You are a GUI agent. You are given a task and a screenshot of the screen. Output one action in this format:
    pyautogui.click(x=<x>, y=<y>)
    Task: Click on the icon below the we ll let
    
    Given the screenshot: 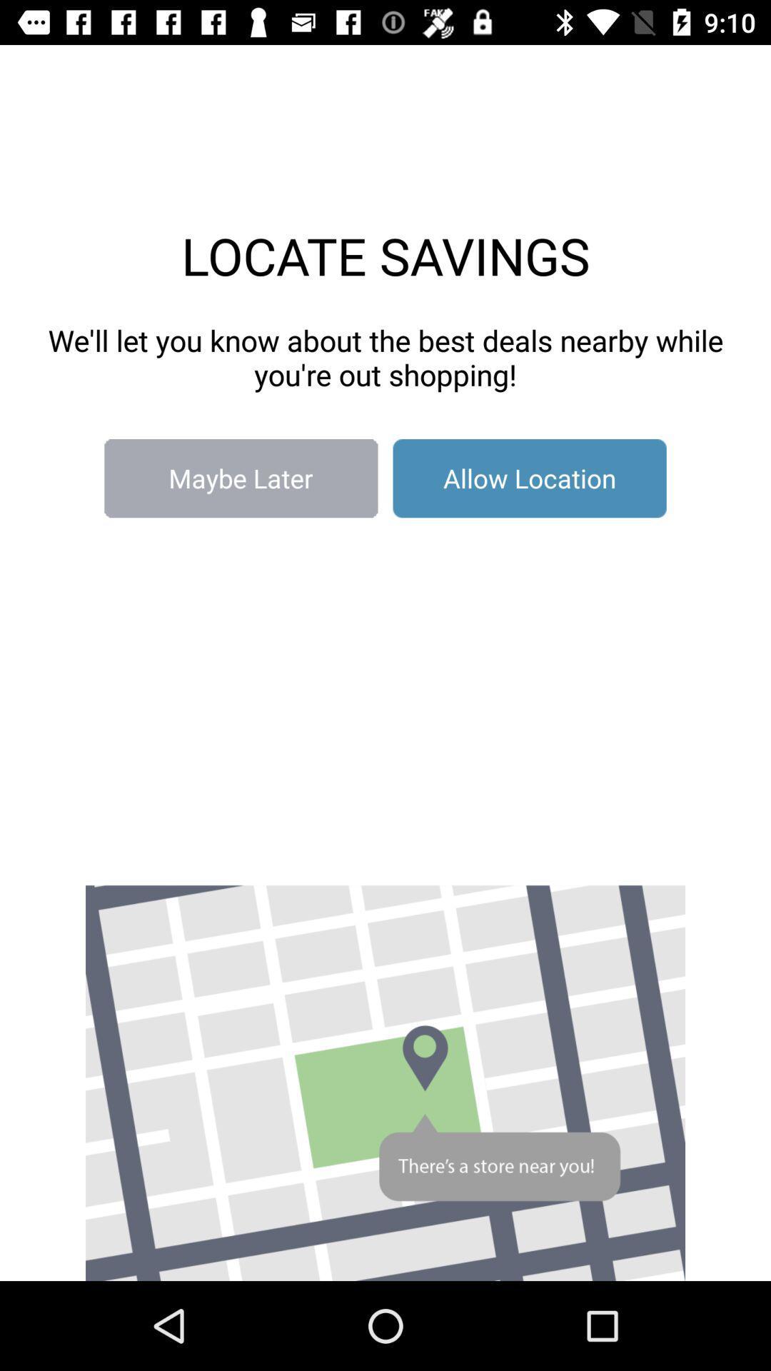 What is the action you would take?
    pyautogui.click(x=240, y=478)
    